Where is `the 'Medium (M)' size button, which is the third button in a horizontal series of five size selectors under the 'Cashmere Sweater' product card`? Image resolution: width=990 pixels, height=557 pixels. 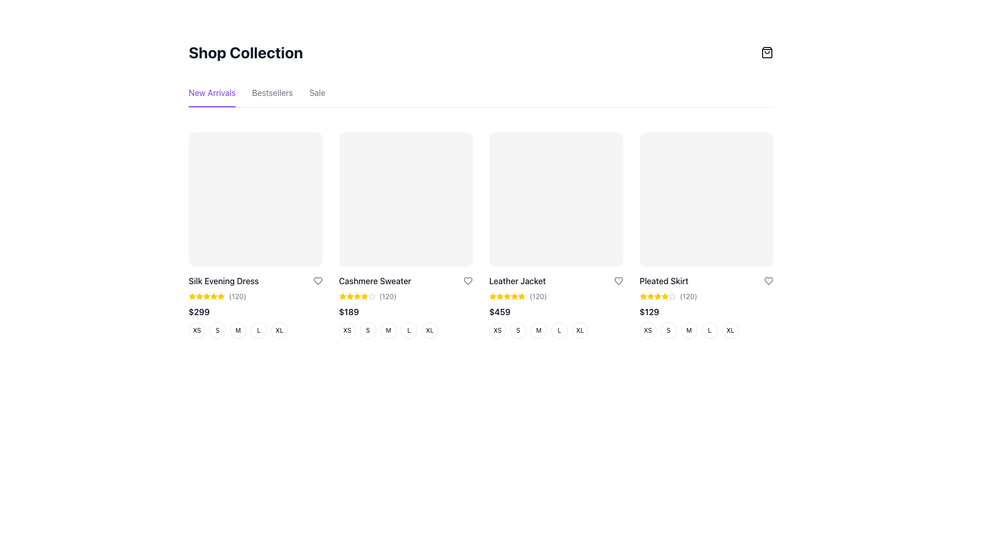
the 'Medium (M)' size button, which is the third button in a horizontal series of five size selectors under the 'Cashmere Sweater' product card is located at coordinates (388, 330).